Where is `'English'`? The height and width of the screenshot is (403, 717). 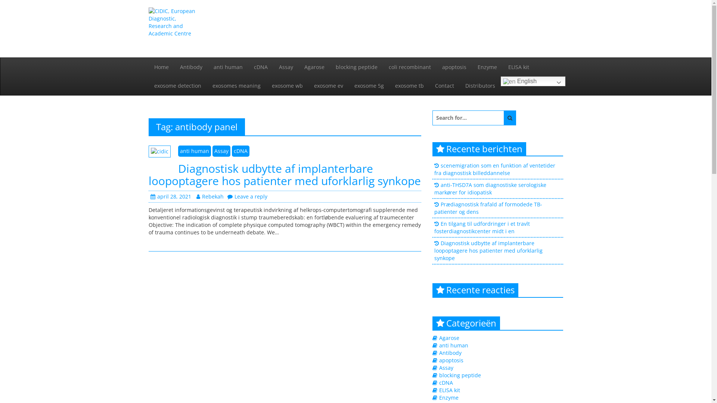 'English' is located at coordinates (532, 81).